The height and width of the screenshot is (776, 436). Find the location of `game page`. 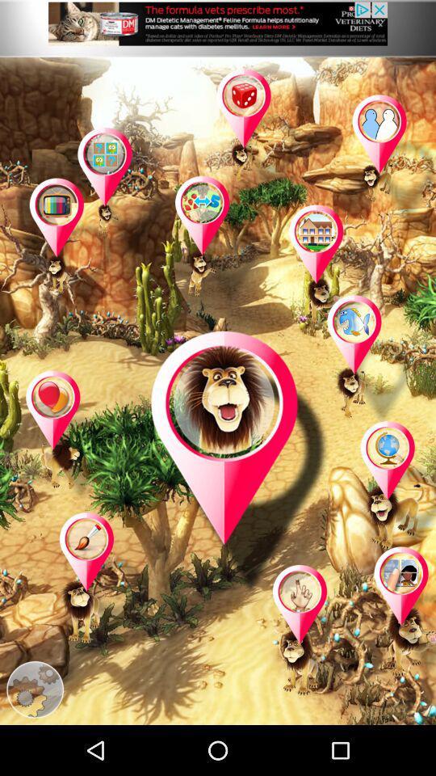

game page is located at coordinates (69, 436).